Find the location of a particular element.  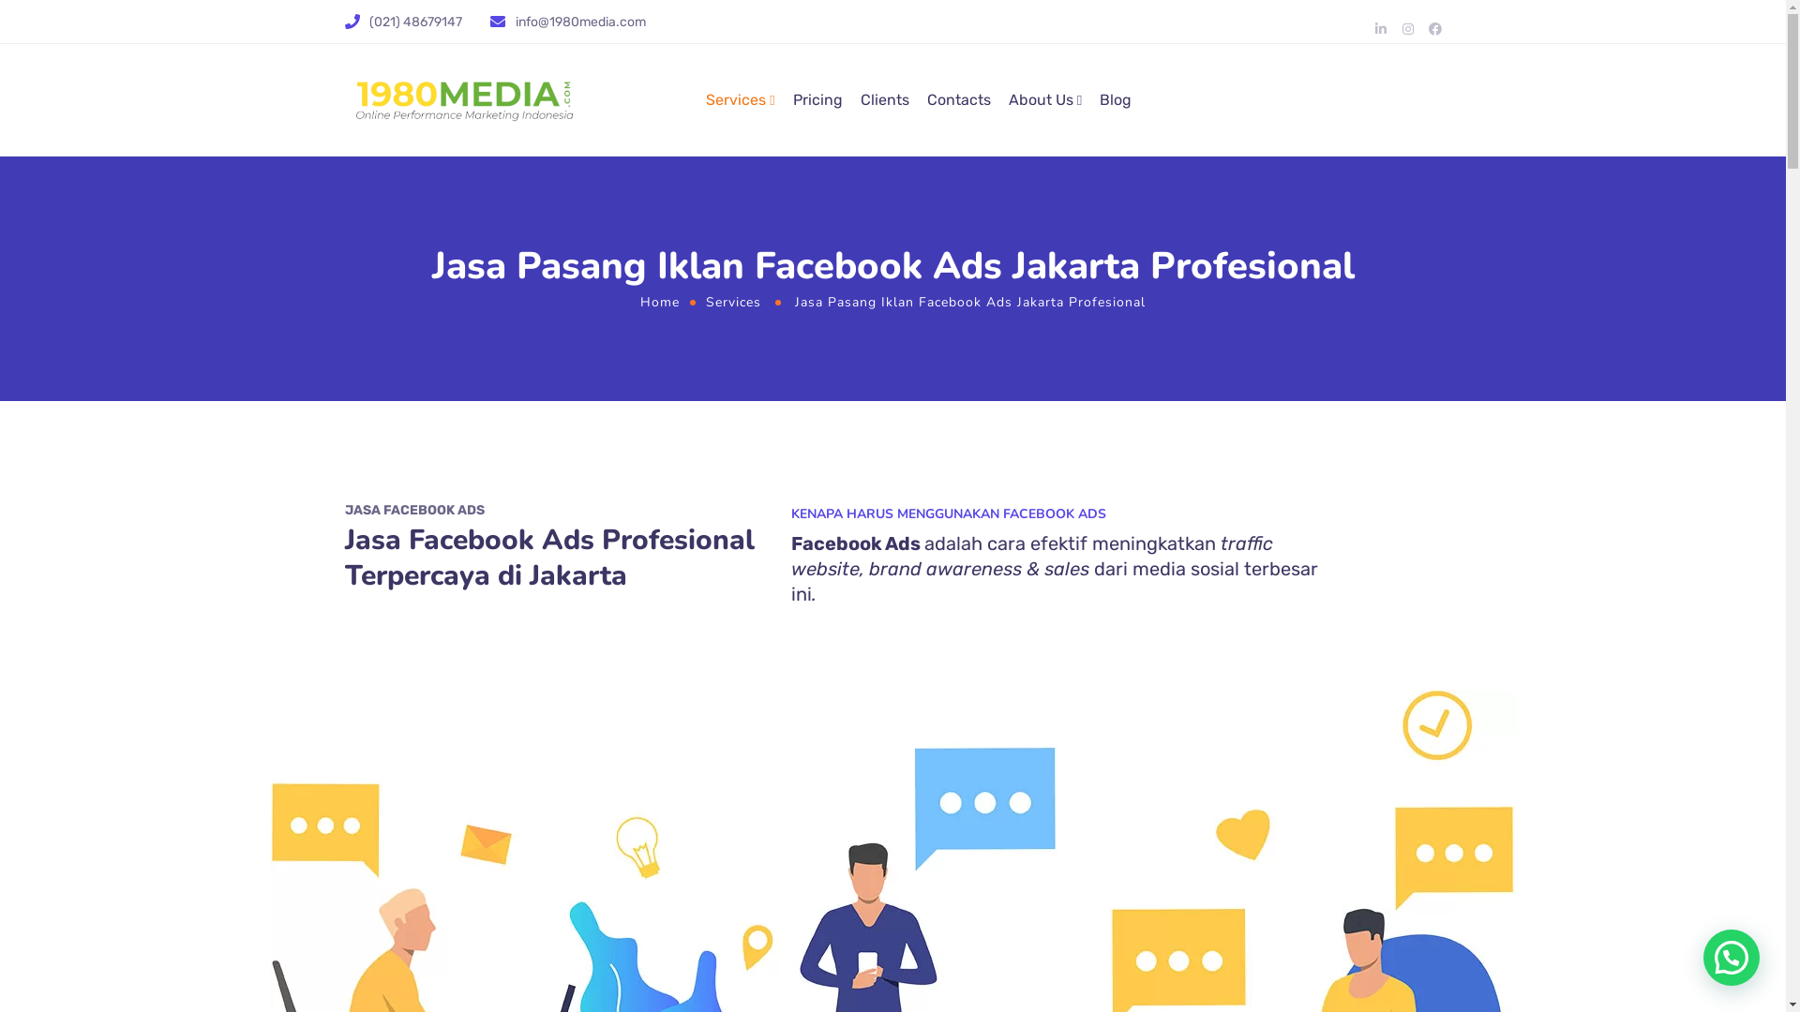

'Home' is located at coordinates (660, 300).